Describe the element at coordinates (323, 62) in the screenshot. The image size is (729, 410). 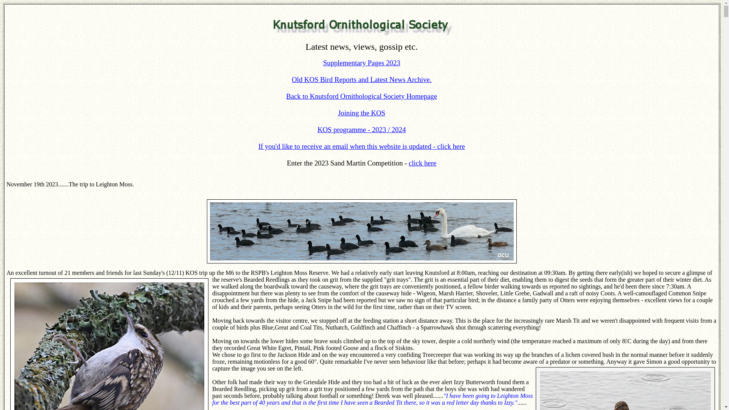
I see `'Supplementary Pages 2023'` at that location.